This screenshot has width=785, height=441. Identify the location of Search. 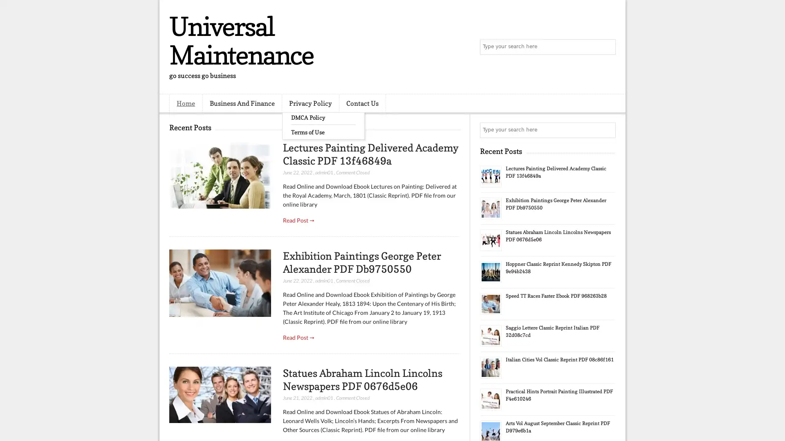
(607, 47).